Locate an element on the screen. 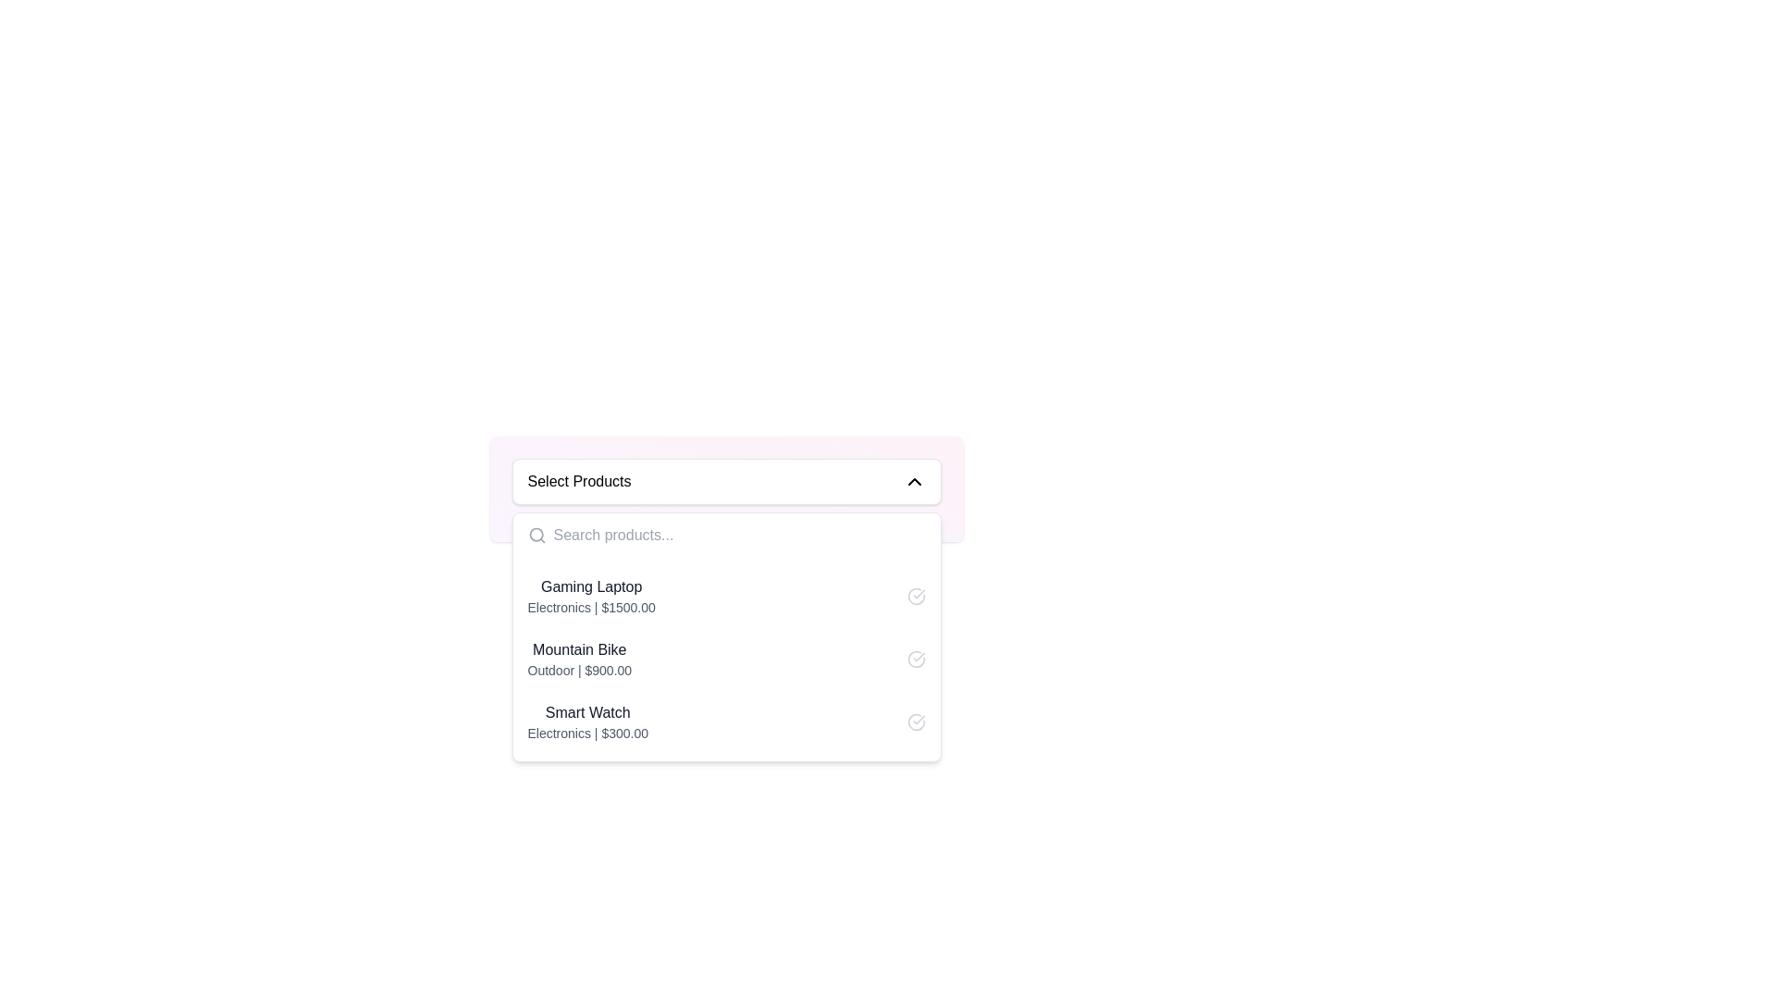  the 'Gaming Laptop' text label within the 'Select Products' dropdown menu to associate it with the item details is located at coordinates (590, 587).